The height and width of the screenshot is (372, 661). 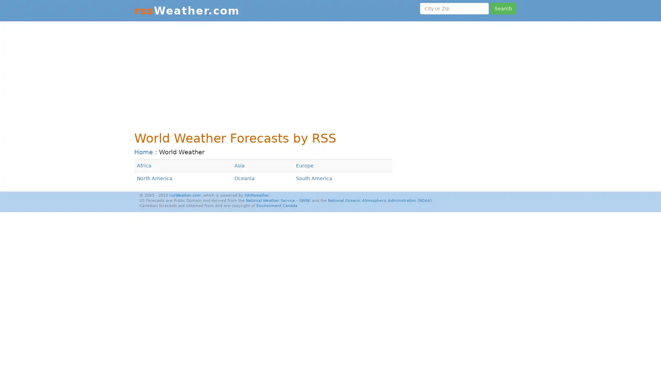 What do you see at coordinates (503, 8) in the screenshot?
I see `Search` at bounding box center [503, 8].